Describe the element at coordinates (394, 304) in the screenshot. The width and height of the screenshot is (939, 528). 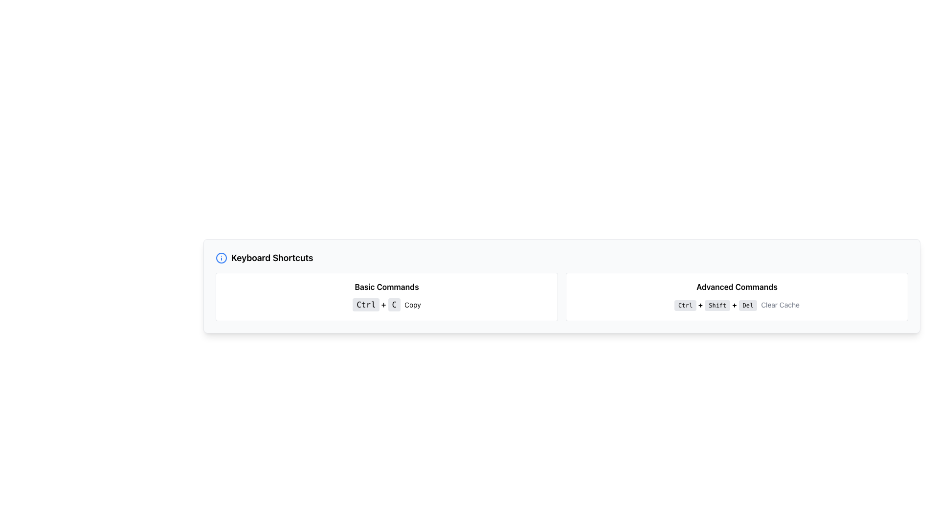
I see `the 'C' key button in the 'Basic Commands' section under 'Keyboard Shortcuts' which represents the copy function` at that location.